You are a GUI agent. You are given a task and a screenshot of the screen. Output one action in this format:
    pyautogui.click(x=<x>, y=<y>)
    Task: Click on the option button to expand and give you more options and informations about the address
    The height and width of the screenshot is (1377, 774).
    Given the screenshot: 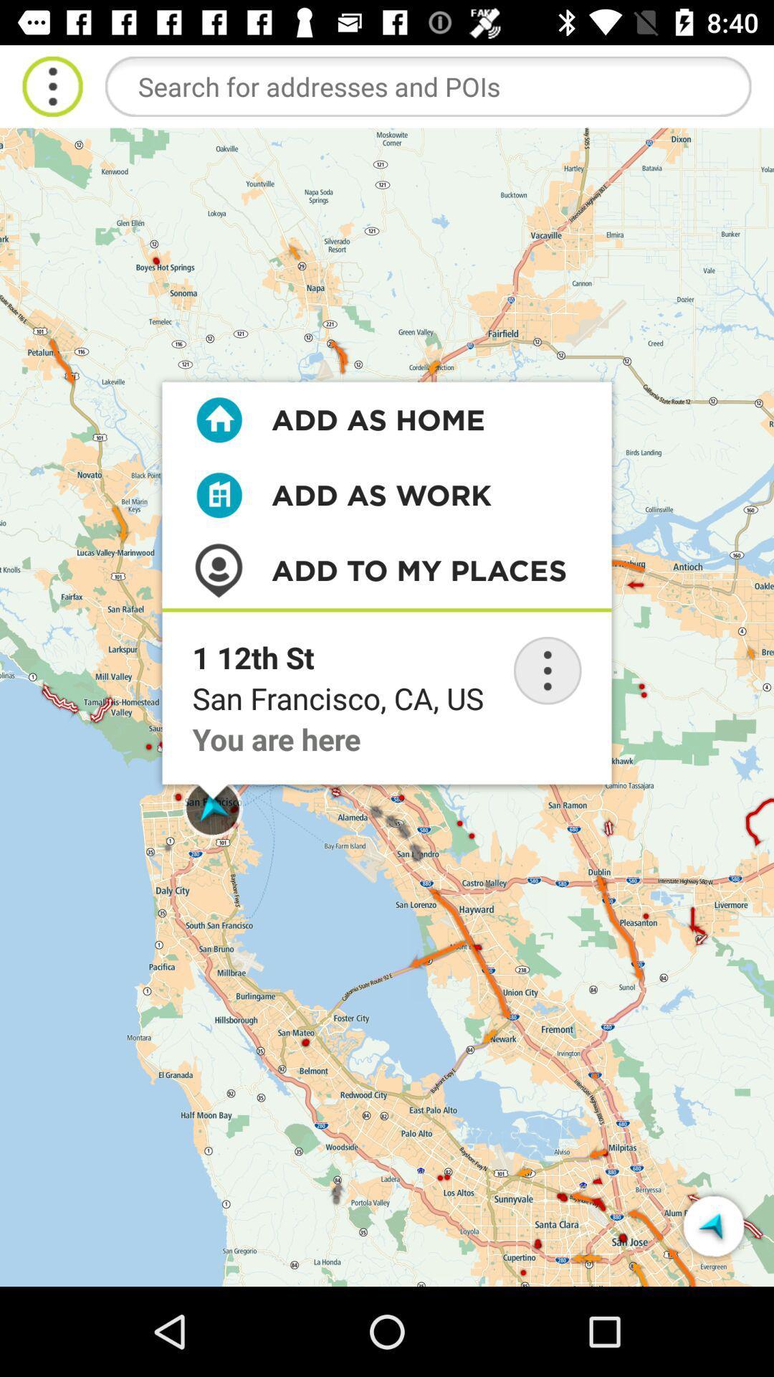 What is the action you would take?
    pyautogui.click(x=548, y=670)
    